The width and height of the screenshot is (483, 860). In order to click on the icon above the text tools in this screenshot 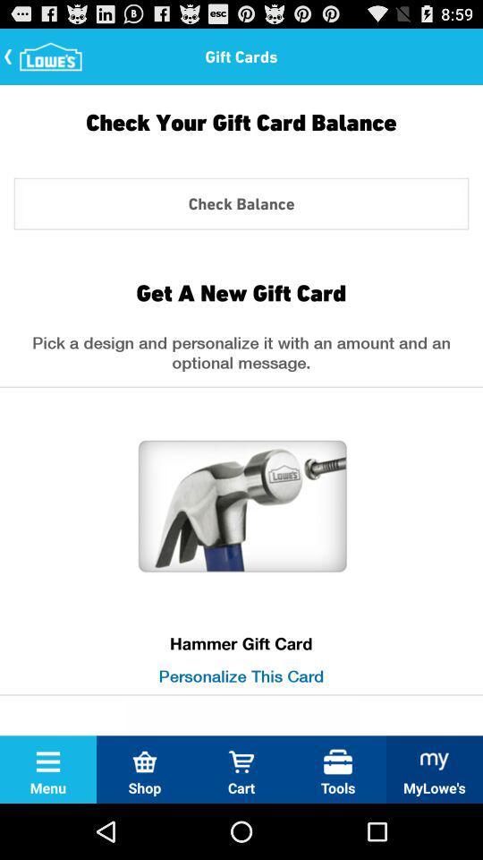, I will do `click(338, 761)`.